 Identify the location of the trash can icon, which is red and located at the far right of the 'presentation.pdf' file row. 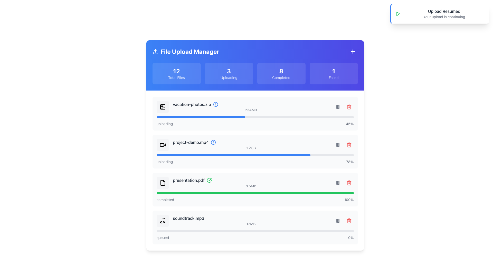
(349, 220).